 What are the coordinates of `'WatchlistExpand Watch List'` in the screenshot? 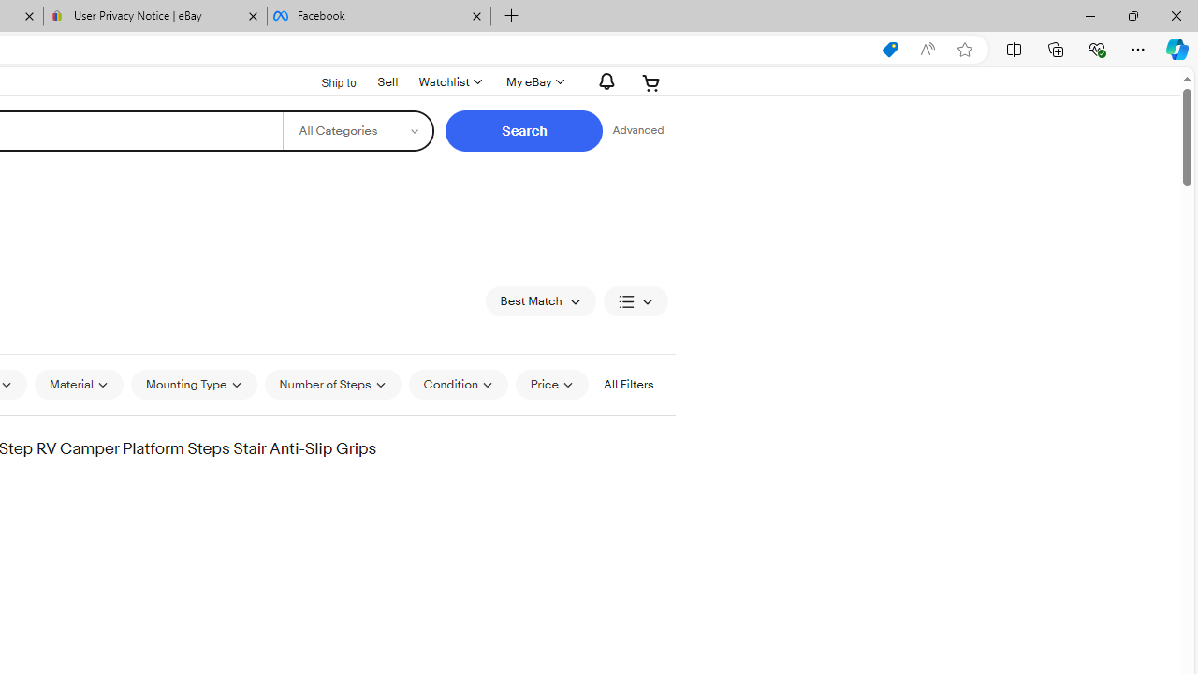 It's located at (449, 81).